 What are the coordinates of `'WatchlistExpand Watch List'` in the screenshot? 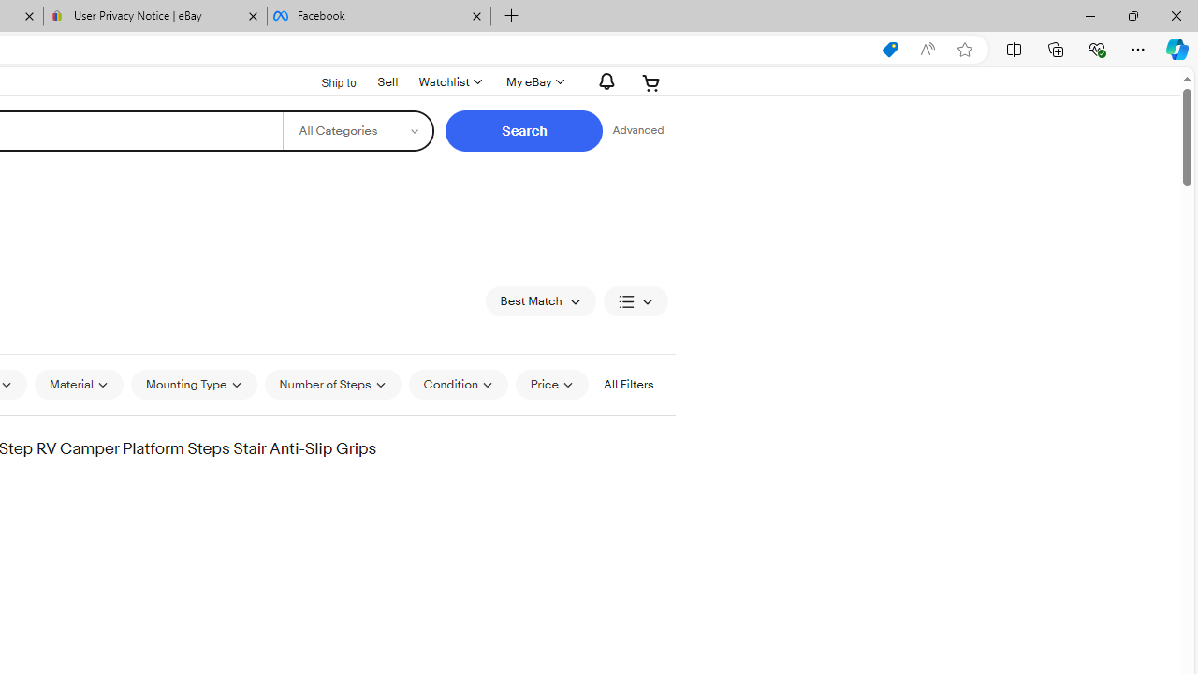 It's located at (449, 81).